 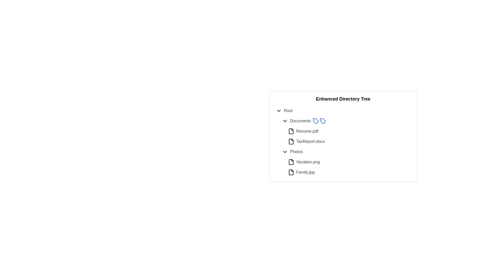 I want to click on text label 'Root' which is styled in gray and is the first item in the 'Enhanced Directory Tree', positioned to the right of a chevron-down icon, so click(x=288, y=111).